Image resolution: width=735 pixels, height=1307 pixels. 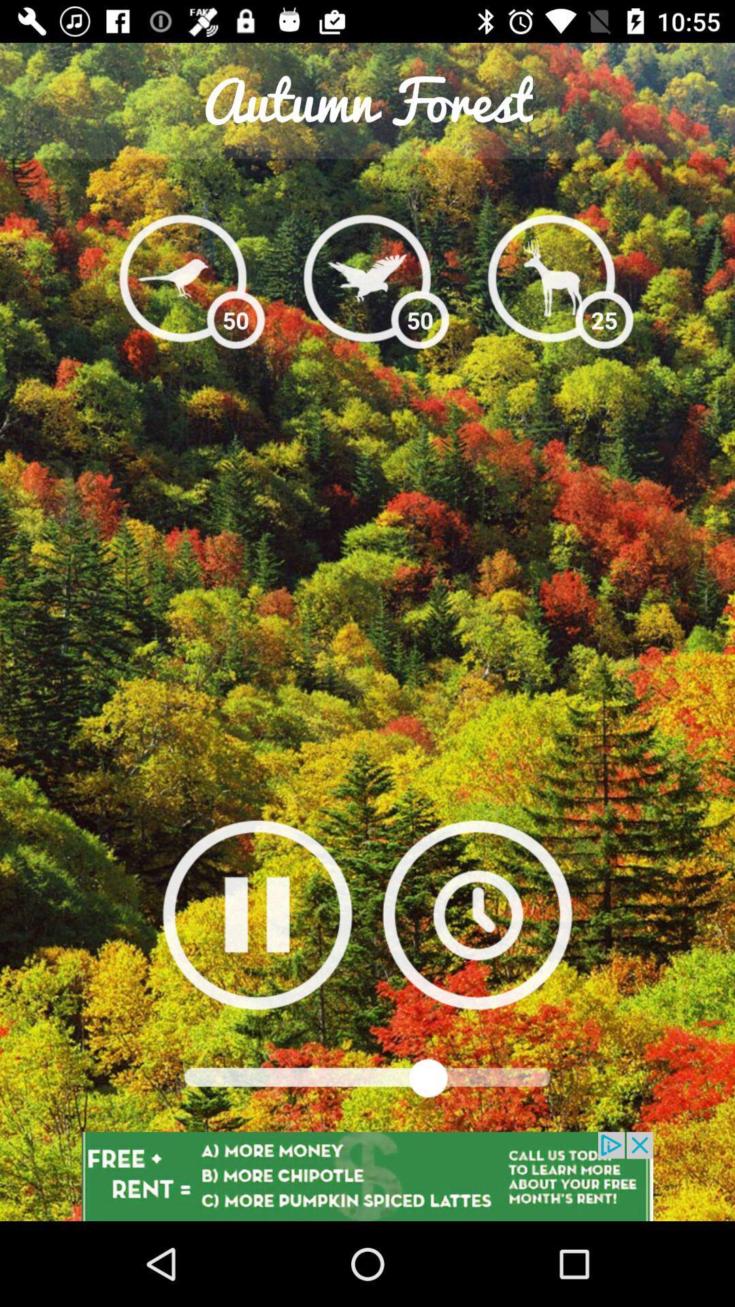 I want to click on bird icon, so click(x=366, y=277).